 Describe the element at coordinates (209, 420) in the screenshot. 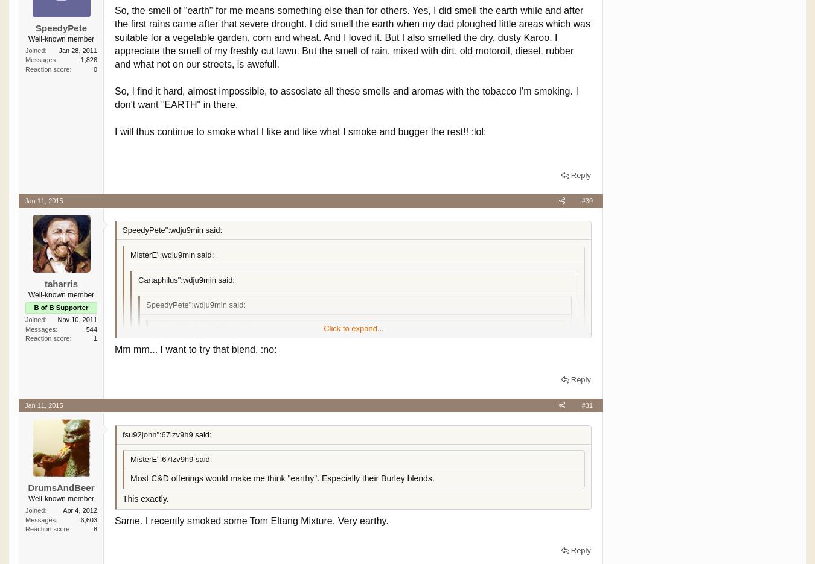

I see `'Come to think of it, that could explain a lot!'` at that location.